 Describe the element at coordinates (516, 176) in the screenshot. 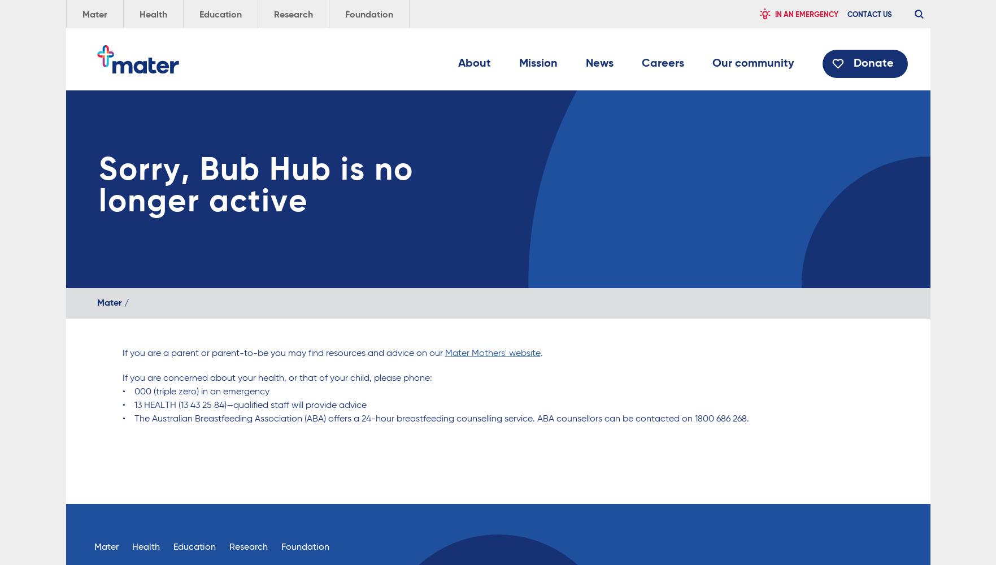

I see `'Our future developments'` at that location.